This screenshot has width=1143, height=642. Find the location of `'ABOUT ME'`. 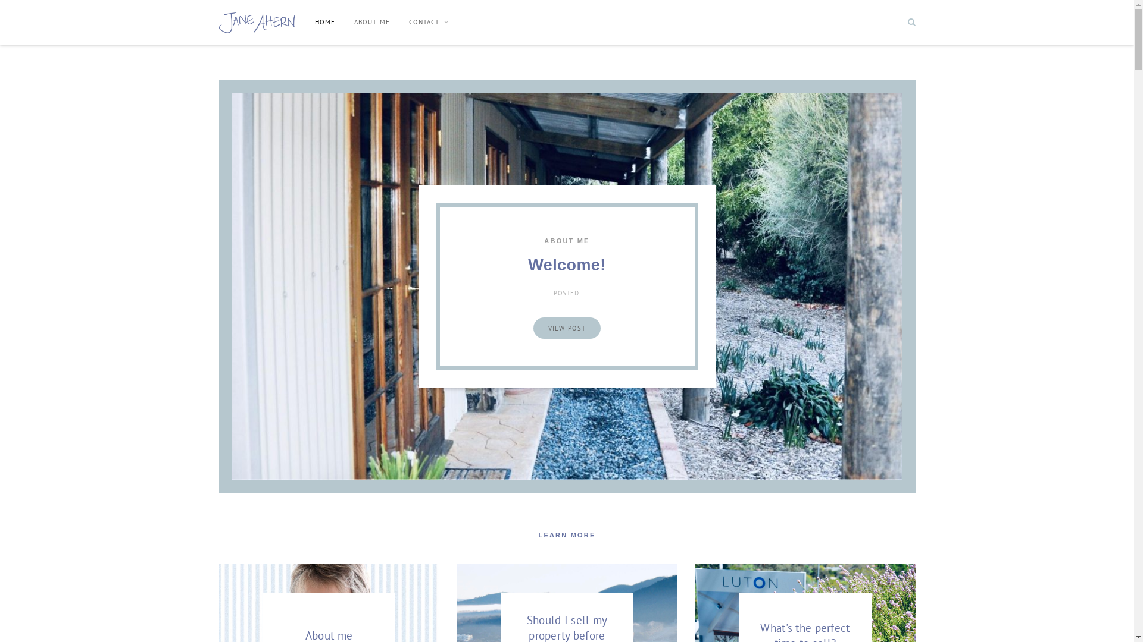

'ABOUT ME' is located at coordinates (566, 241).